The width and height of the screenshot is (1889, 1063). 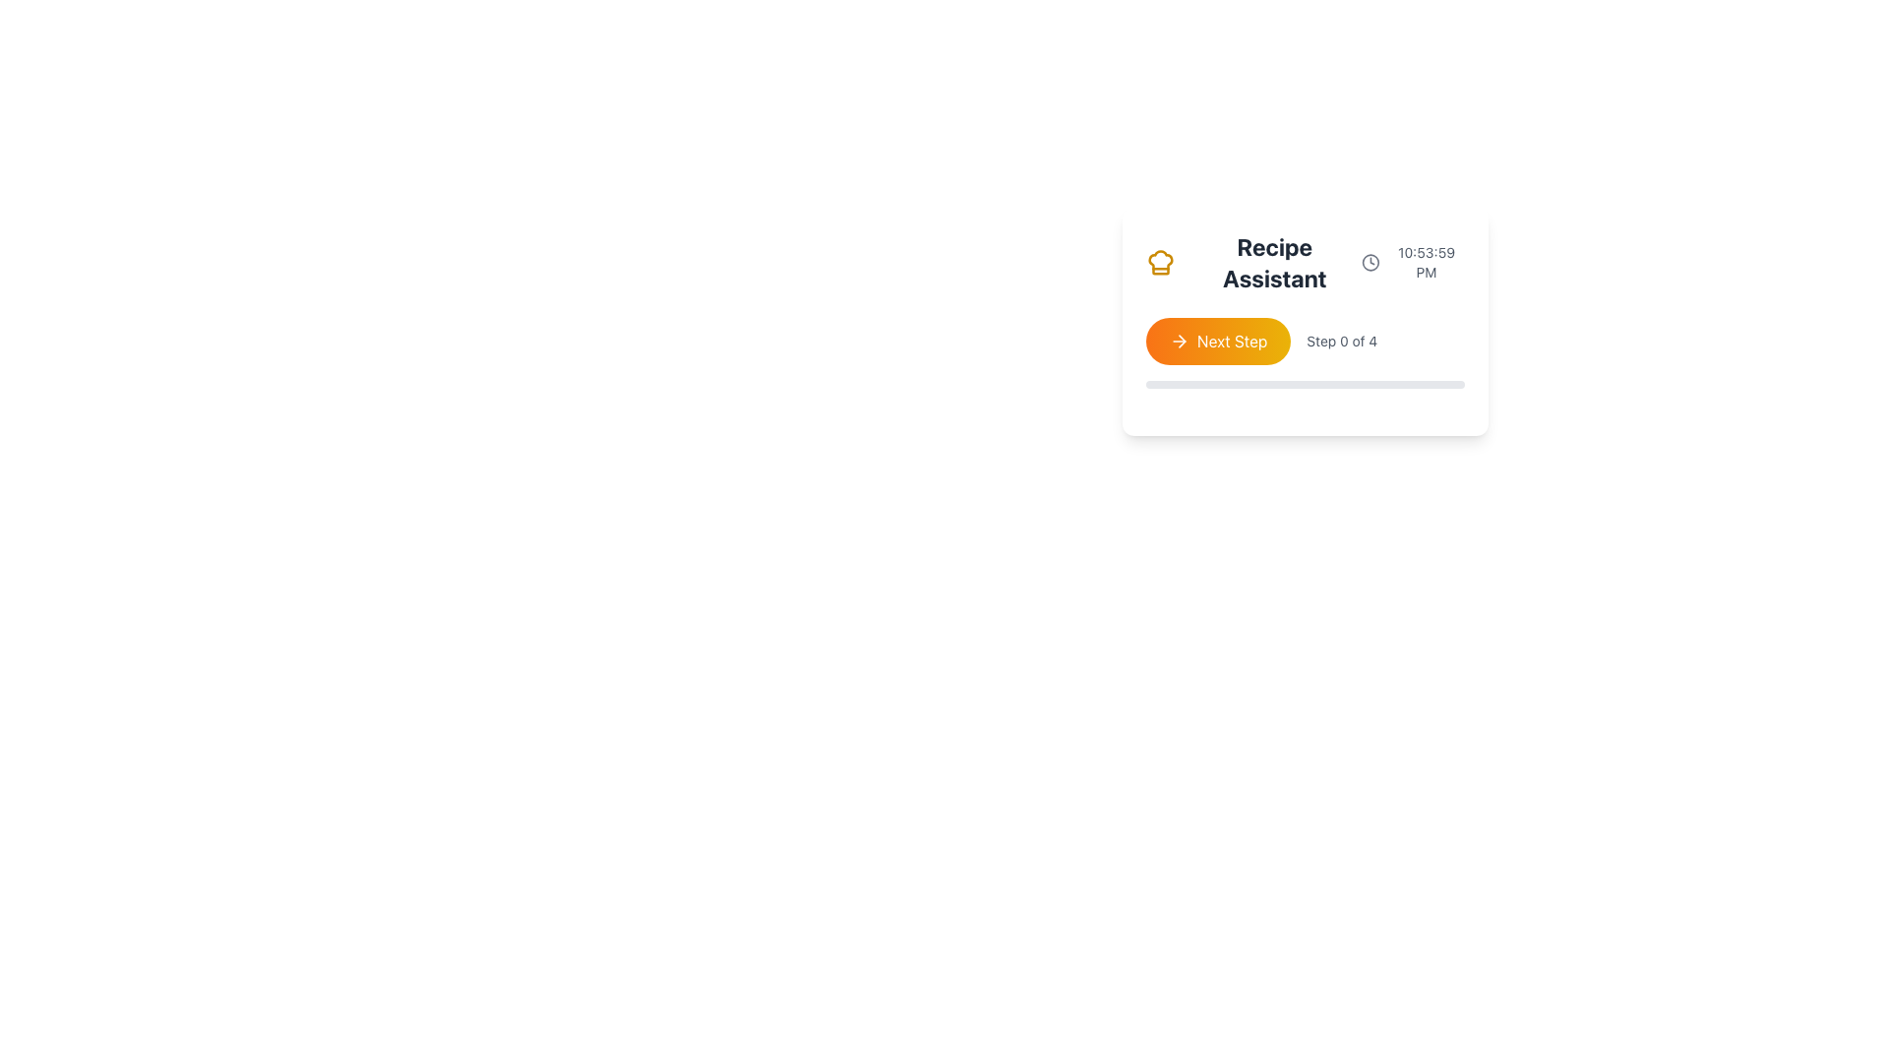 What do you see at coordinates (1180, 341) in the screenshot?
I see `the forward navigation arrow icon located to the left of the 'Next Step' button within the 'Recipe Assistant' card` at bounding box center [1180, 341].